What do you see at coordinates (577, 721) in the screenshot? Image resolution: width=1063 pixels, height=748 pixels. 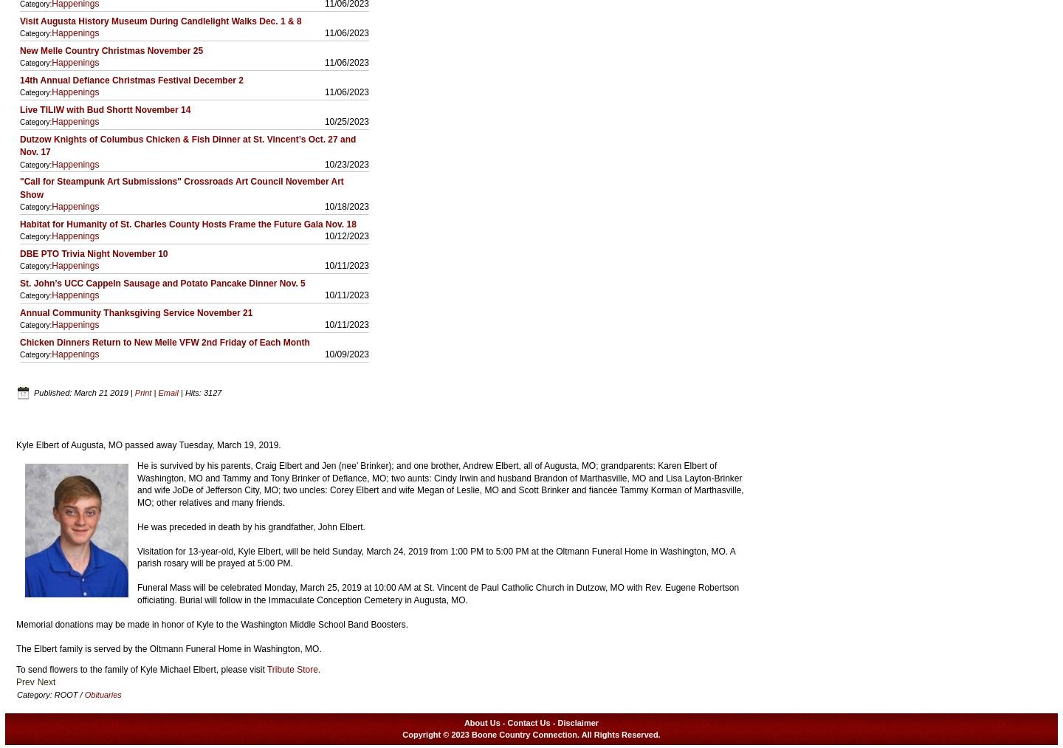 I see `'Disclaimer'` at bounding box center [577, 721].